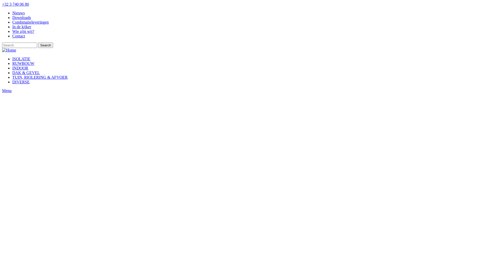 This screenshot has height=277, width=492. Describe the element at coordinates (18, 13) in the screenshot. I see `'Nieuws'` at that location.